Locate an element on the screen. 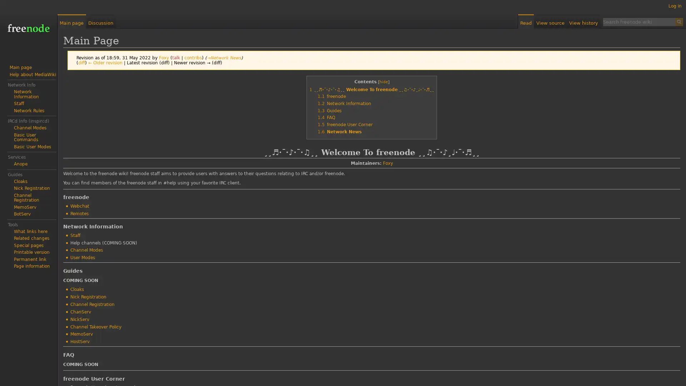 The image size is (686, 386). Go is located at coordinates (678, 21).